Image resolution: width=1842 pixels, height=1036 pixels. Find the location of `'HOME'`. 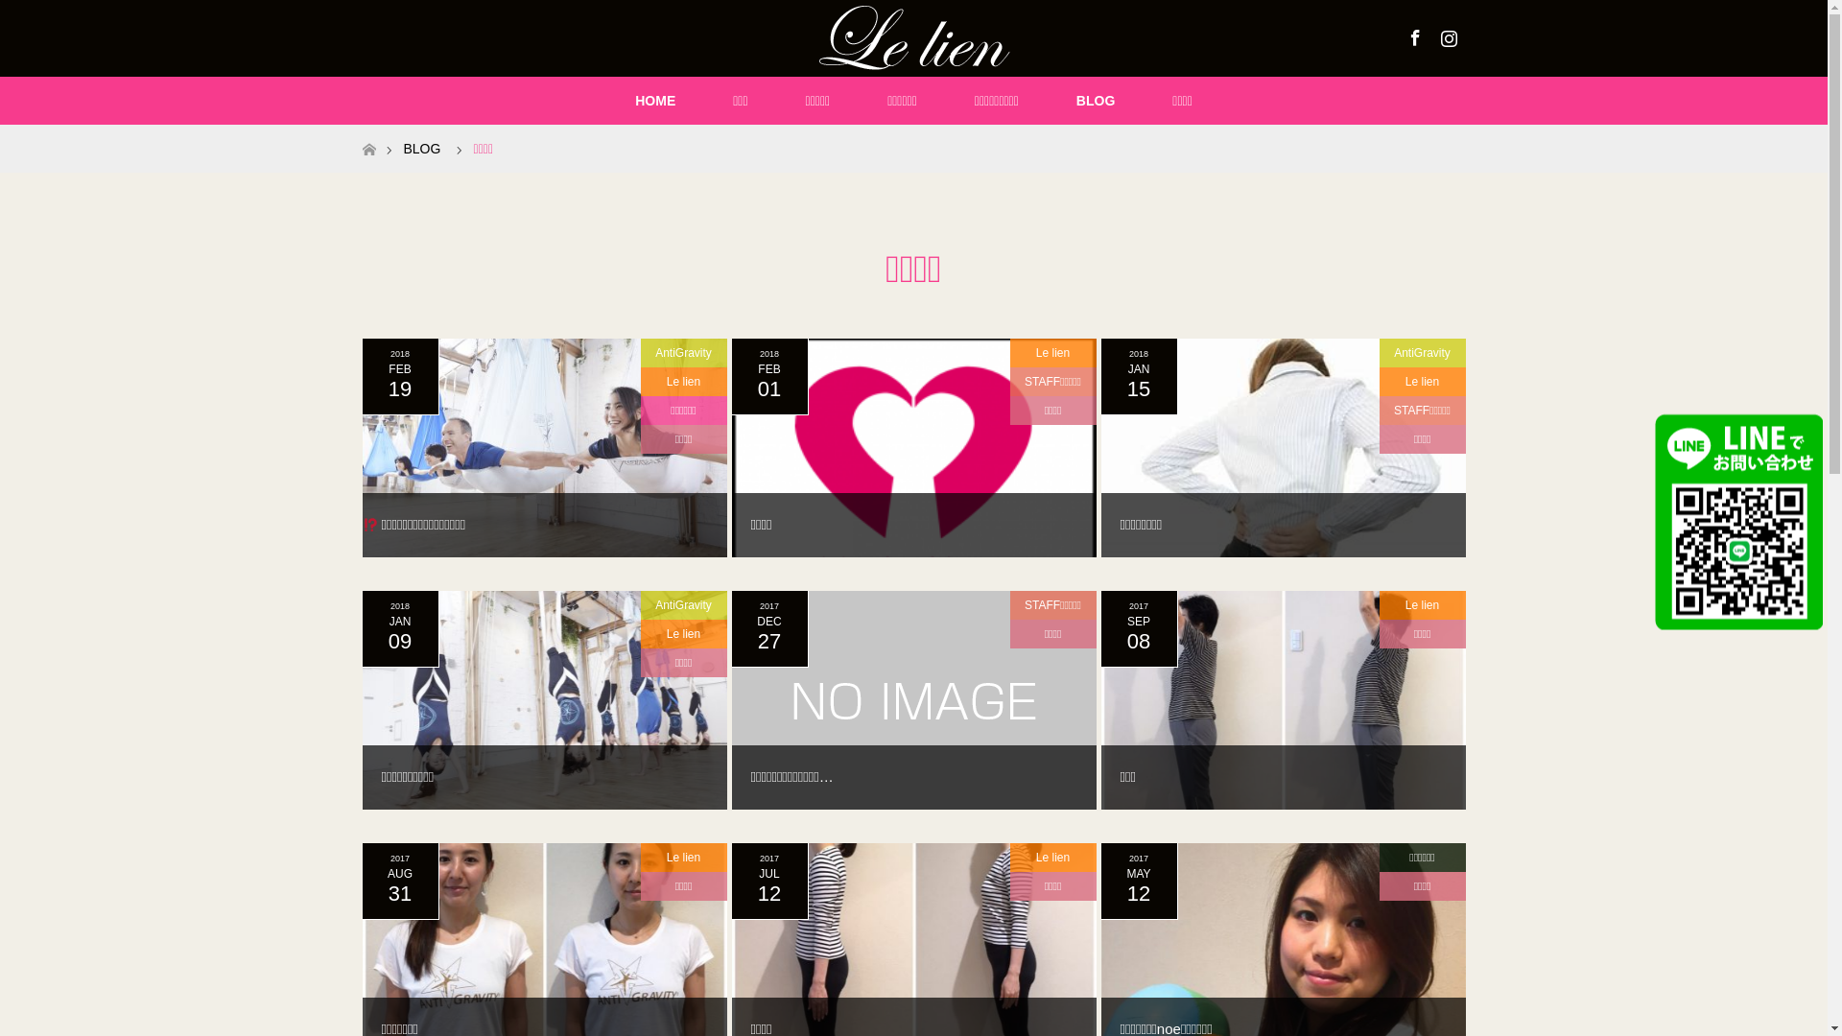

'HOME' is located at coordinates (605, 100).